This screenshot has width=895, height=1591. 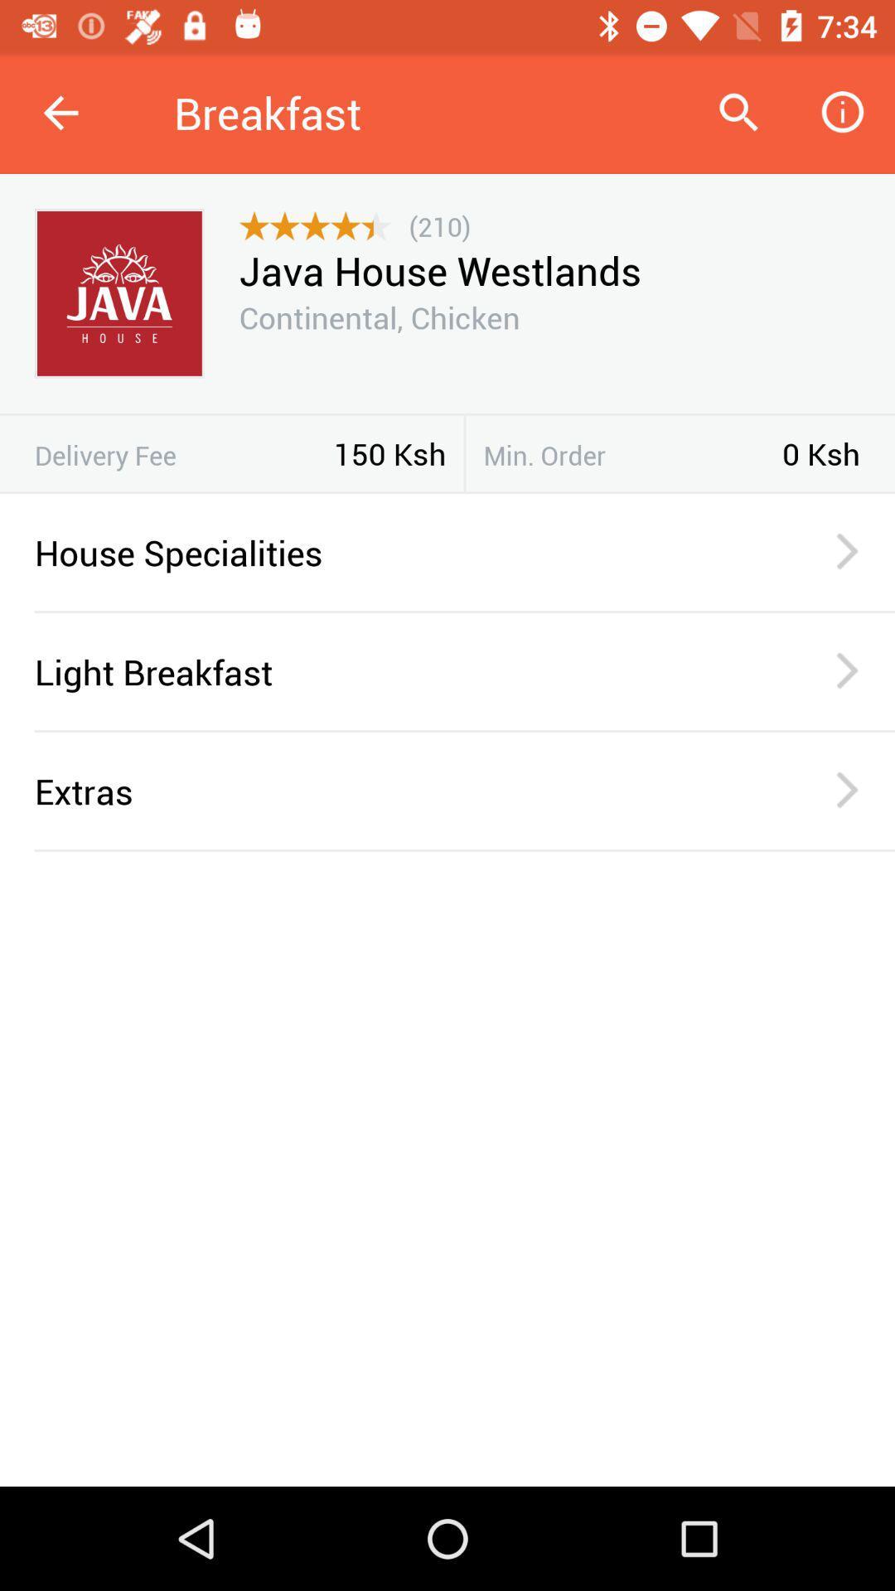 I want to click on the icon below the extras icon, so click(x=464, y=850).